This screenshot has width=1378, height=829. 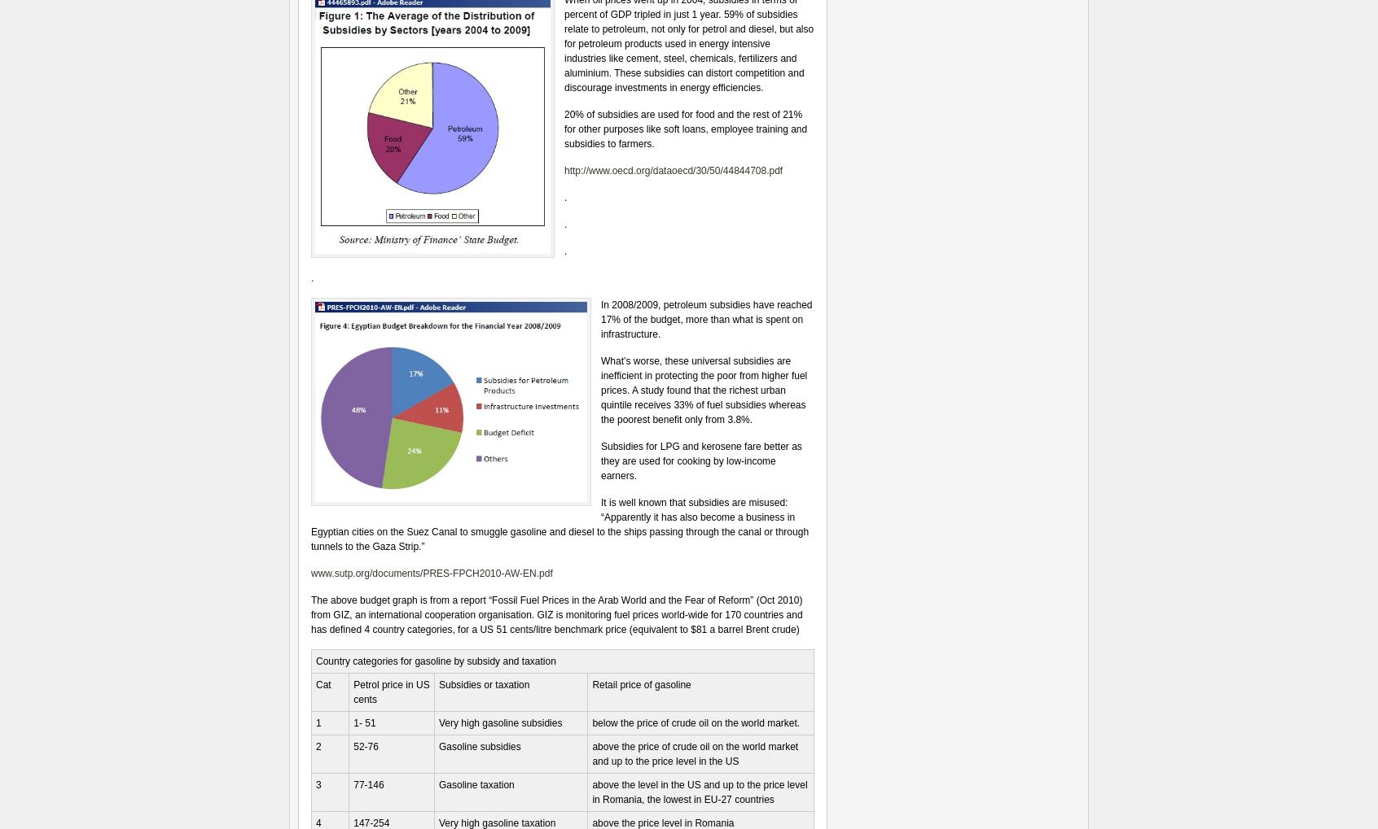 What do you see at coordinates (641, 683) in the screenshot?
I see `'Retail price of gasoline'` at bounding box center [641, 683].